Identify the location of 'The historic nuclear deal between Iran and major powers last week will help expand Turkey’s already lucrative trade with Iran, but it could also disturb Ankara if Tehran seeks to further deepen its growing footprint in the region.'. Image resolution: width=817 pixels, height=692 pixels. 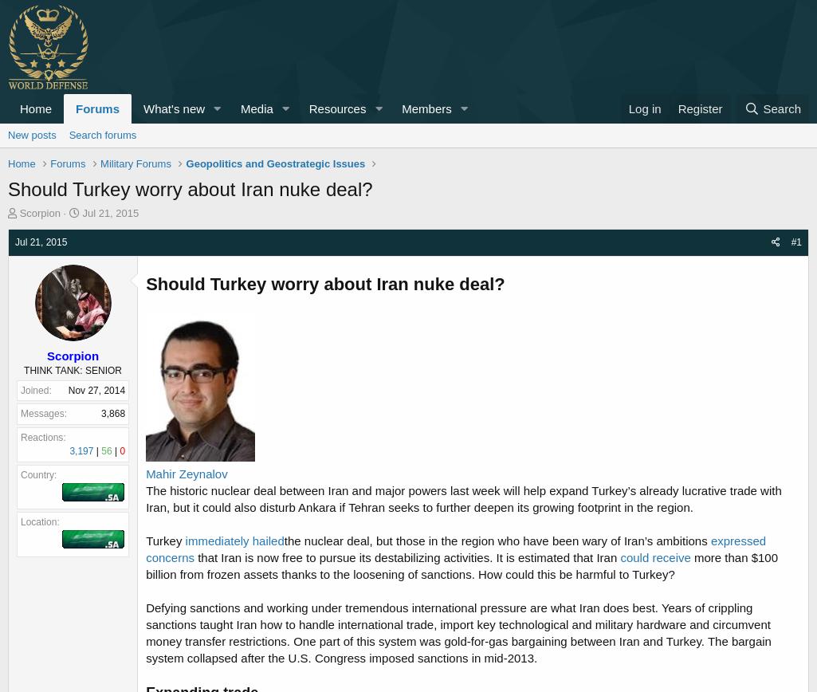
(463, 499).